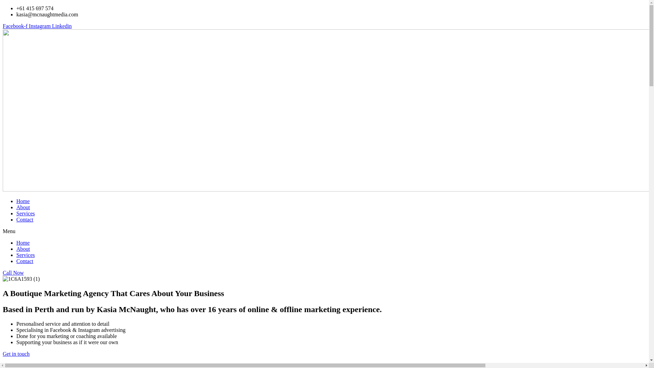 This screenshot has height=368, width=654. Describe the element at coordinates (16, 261) in the screenshot. I see `'Contact'` at that location.